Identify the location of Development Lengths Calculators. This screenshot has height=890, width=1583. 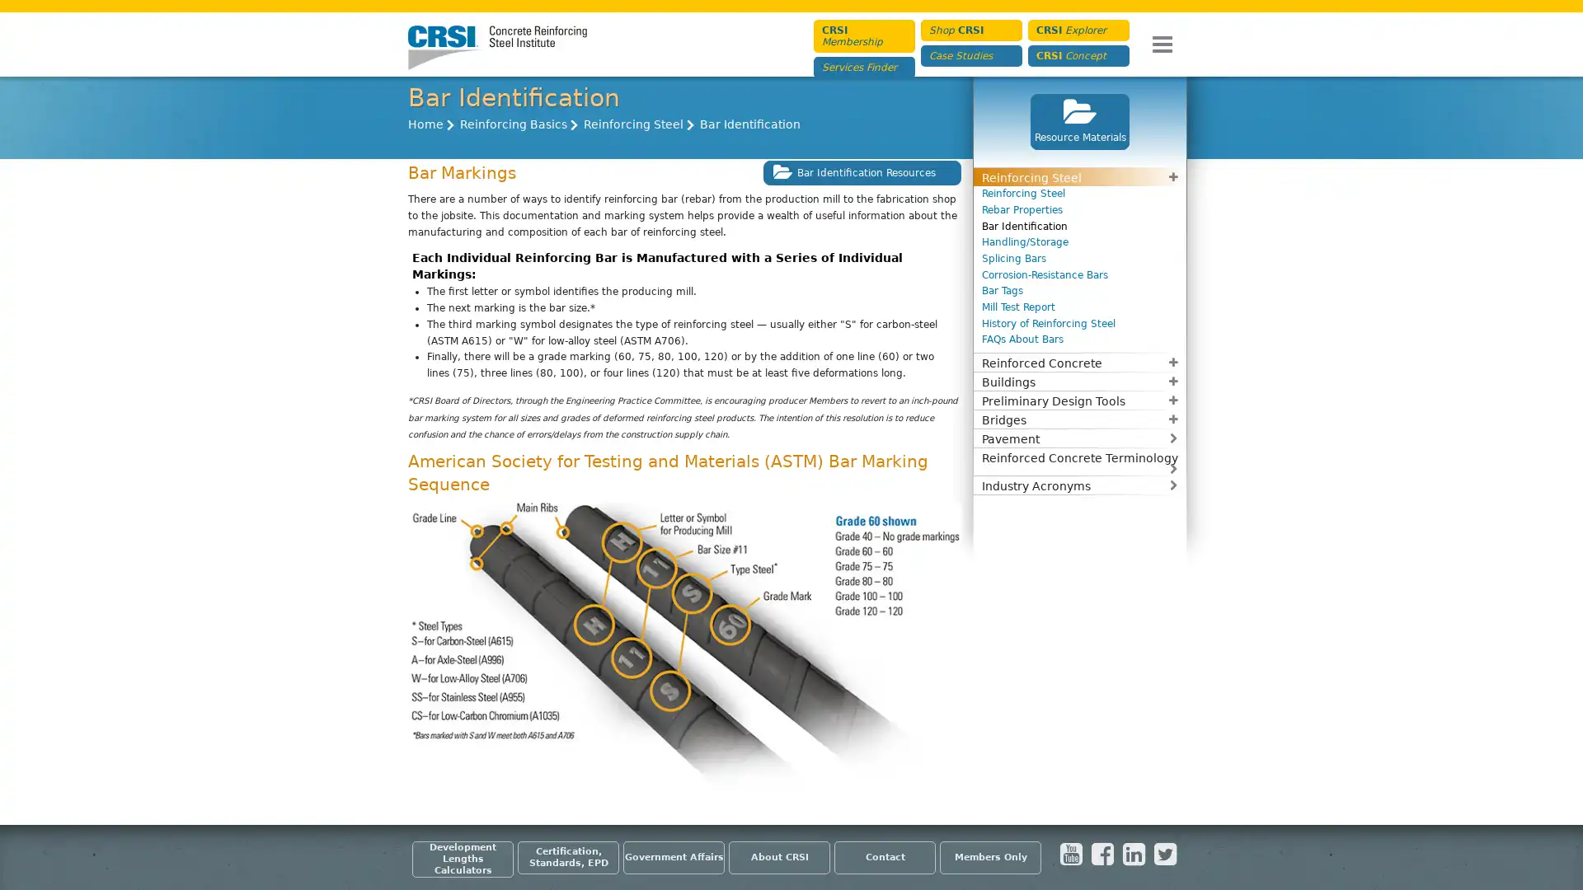
(462, 857).